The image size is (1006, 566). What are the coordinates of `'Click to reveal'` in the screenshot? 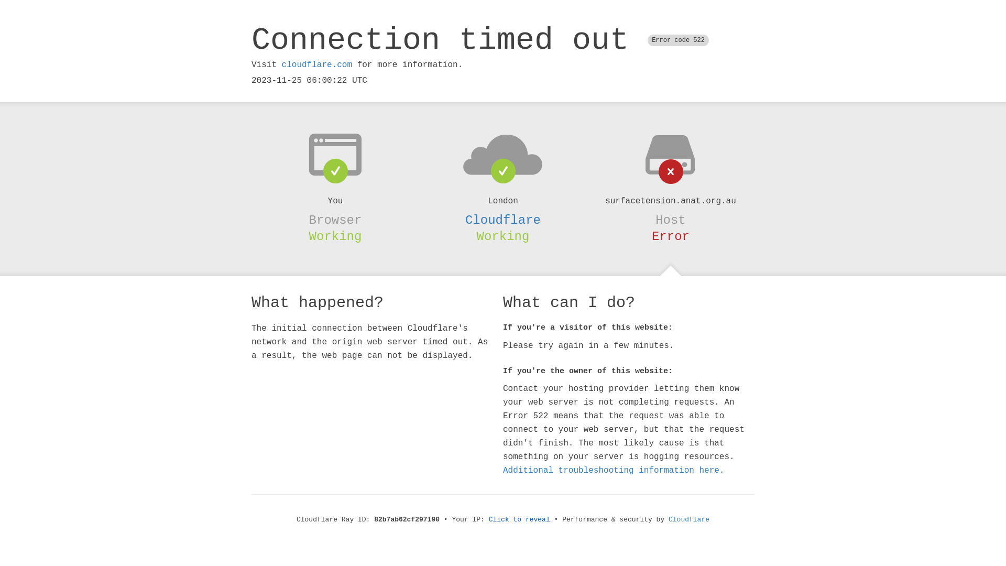 It's located at (519, 519).